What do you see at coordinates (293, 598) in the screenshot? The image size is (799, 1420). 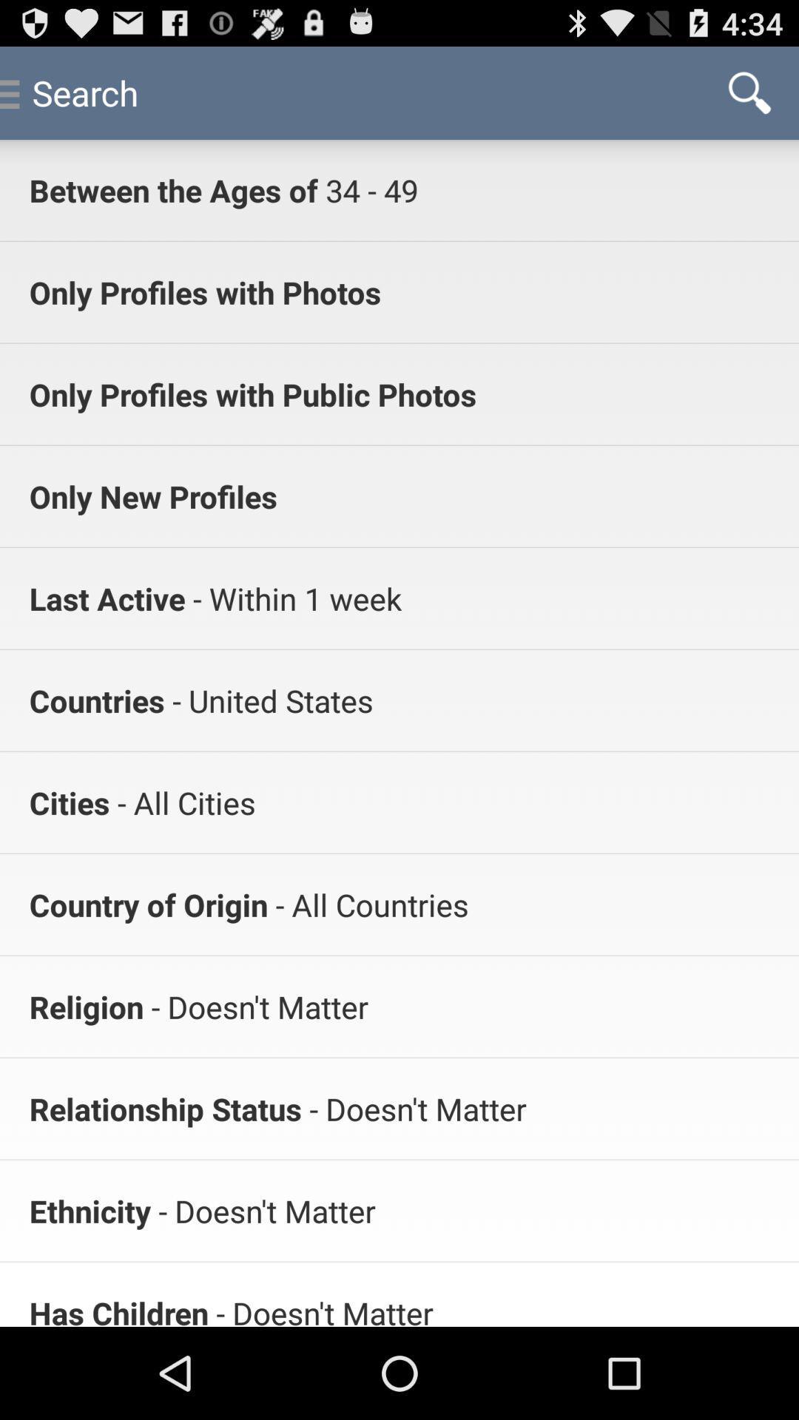 I see `app below the only new profiles app` at bounding box center [293, 598].